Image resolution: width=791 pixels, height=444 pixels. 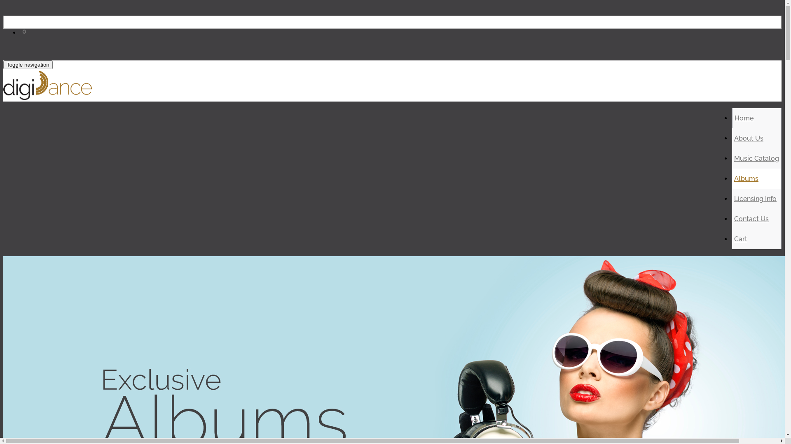 What do you see at coordinates (741, 239) in the screenshot?
I see `'Cart'` at bounding box center [741, 239].